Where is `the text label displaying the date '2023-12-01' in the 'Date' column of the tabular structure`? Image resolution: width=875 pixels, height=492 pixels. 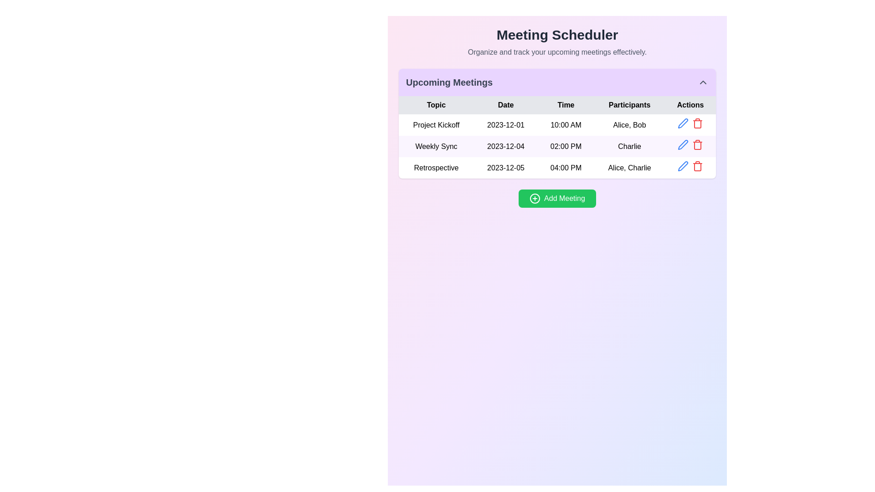
the text label displaying the date '2023-12-01' in the 'Date' column of the tabular structure is located at coordinates (505, 125).